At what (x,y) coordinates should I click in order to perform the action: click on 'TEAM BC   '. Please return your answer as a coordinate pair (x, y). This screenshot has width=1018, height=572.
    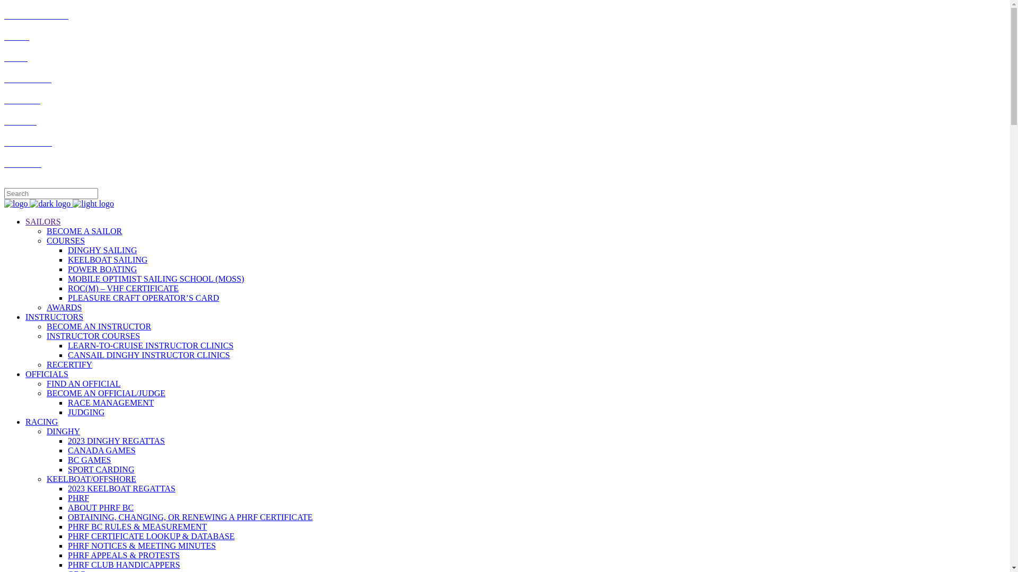
    Looking at the image, I should click on (22, 100).